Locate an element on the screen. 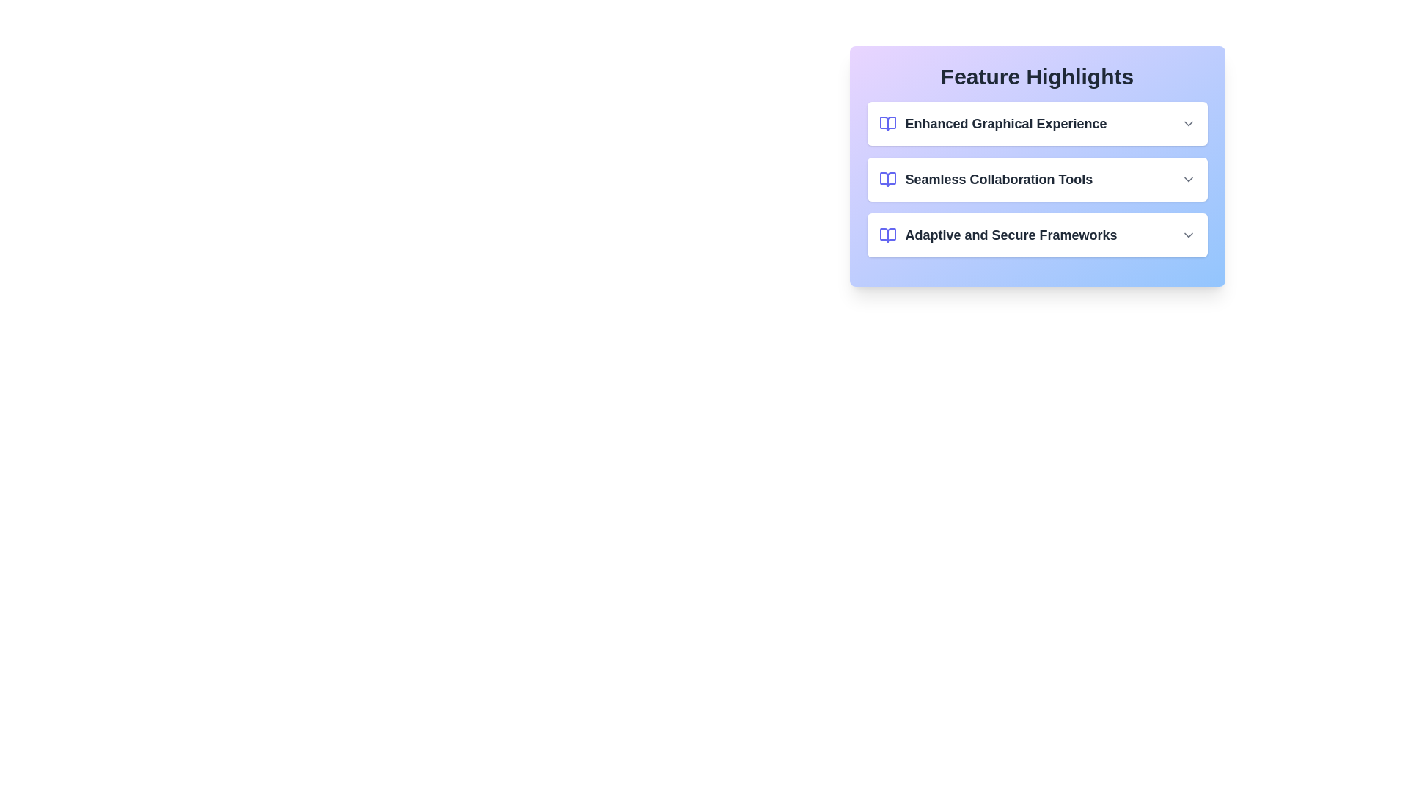 The image size is (1408, 792). the indigo open book icon located under 'Feature Highlights' in the 'Adaptive and Secure Frameworks' section is located at coordinates (887, 234).